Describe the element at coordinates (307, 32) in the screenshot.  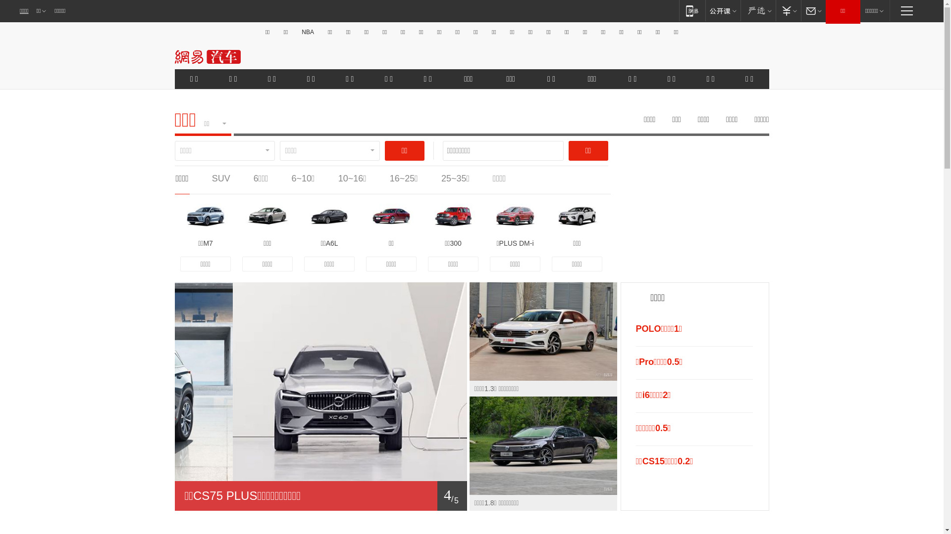
I see `'NBA'` at that location.